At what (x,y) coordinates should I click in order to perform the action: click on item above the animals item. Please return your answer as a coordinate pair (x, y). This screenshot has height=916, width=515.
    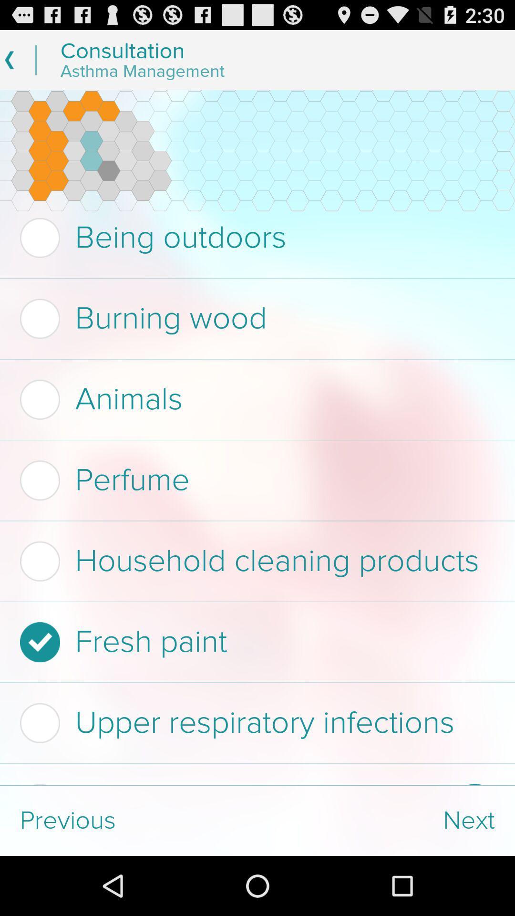
    Looking at the image, I should click on (254, 319).